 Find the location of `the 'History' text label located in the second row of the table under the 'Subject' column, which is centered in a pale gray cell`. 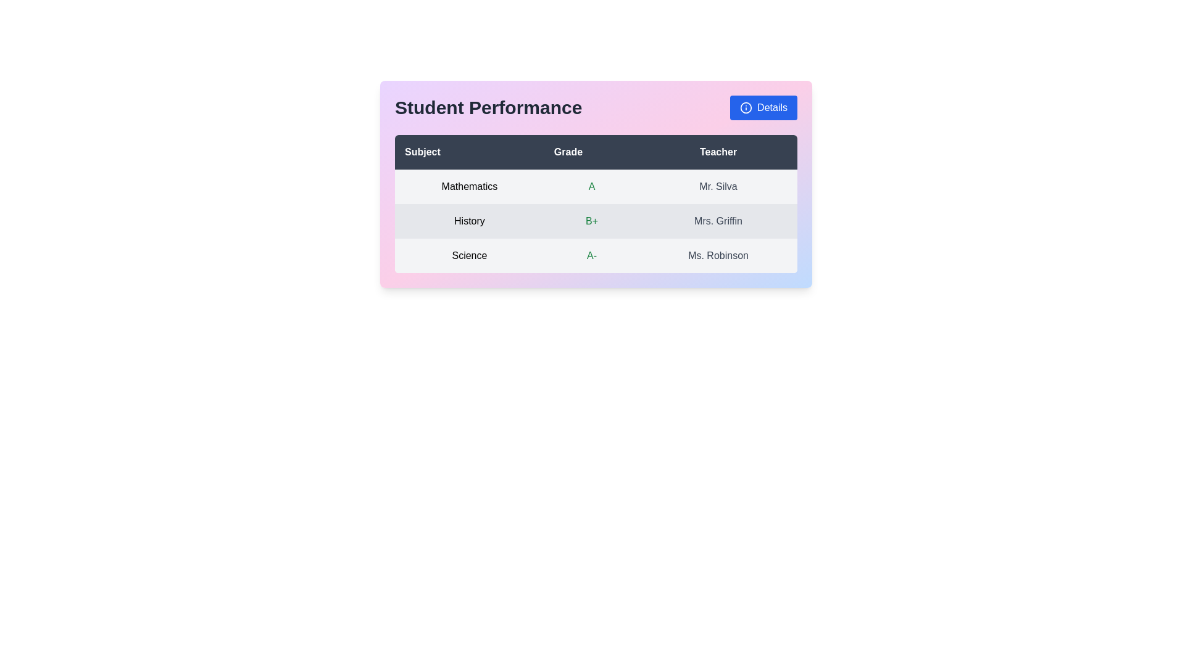

the 'History' text label located in the second row of the table under the 'Subject' column, which is centered in a pale gray cell is located at coordinates (468, 220).